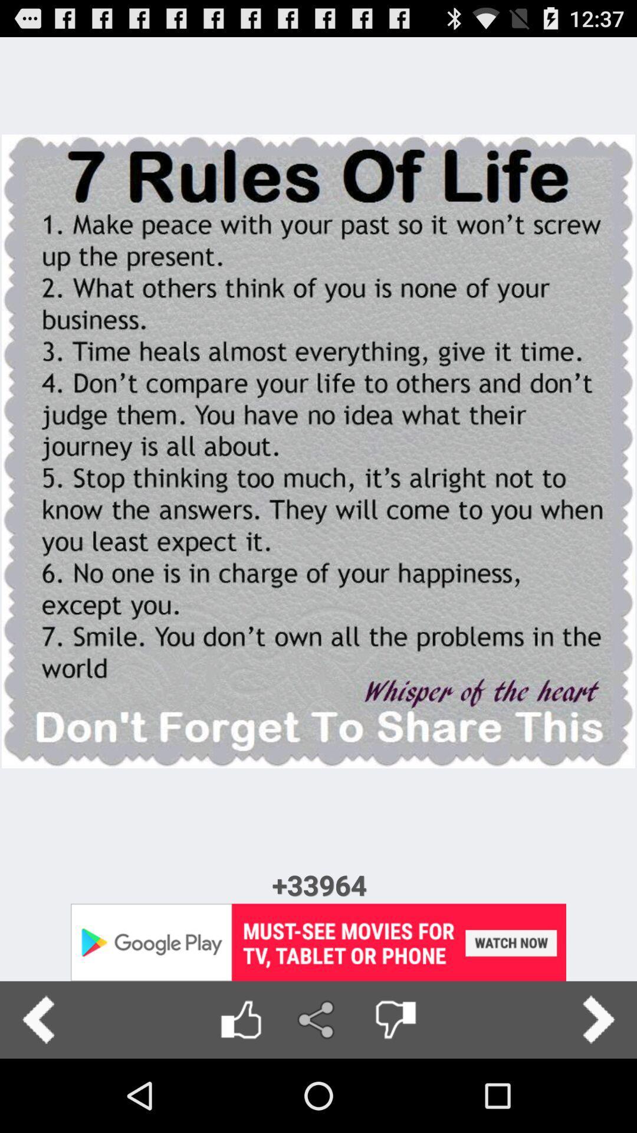 This screenshot has width=637, height=1133. I want to click on the thumbs_down icon, so click(395, 1091).